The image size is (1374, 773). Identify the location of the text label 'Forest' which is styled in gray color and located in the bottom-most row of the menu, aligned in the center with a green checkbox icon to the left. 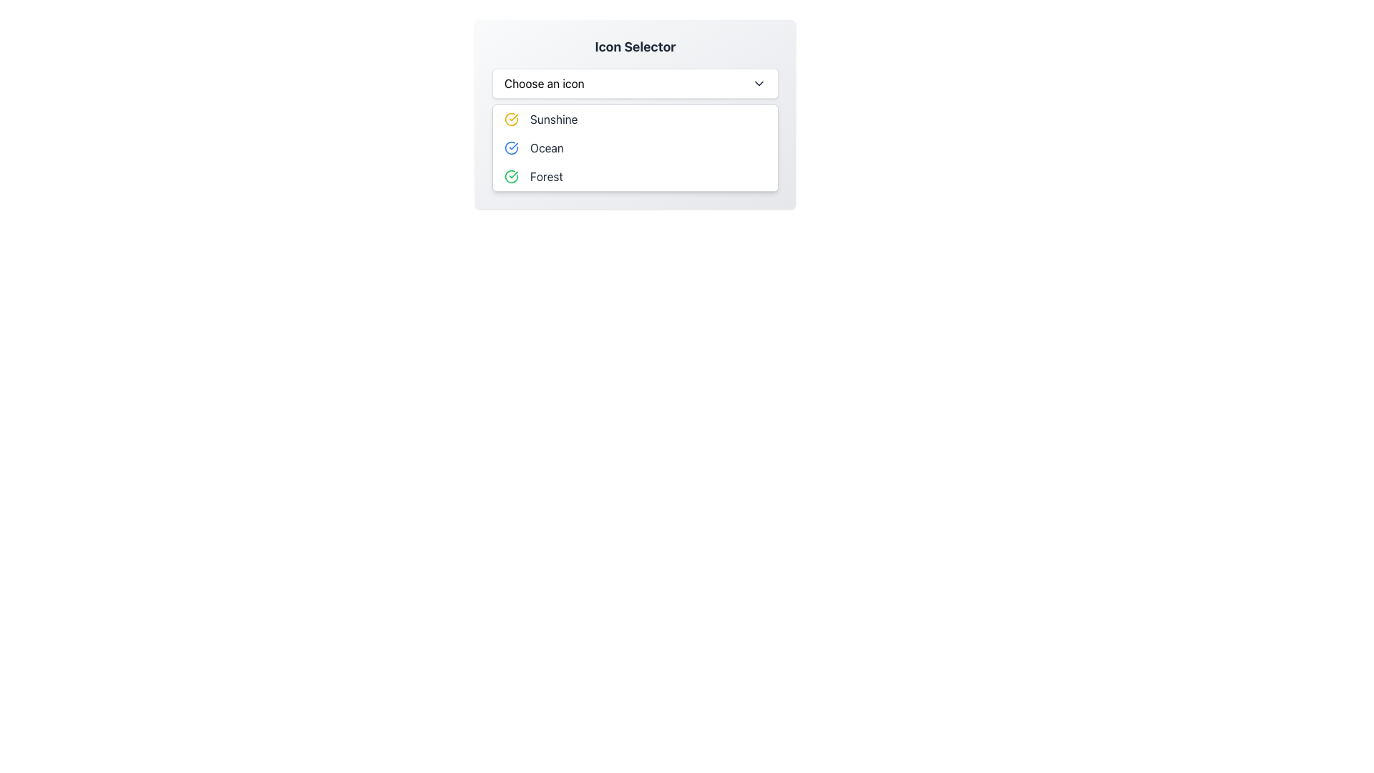
(545, 175).